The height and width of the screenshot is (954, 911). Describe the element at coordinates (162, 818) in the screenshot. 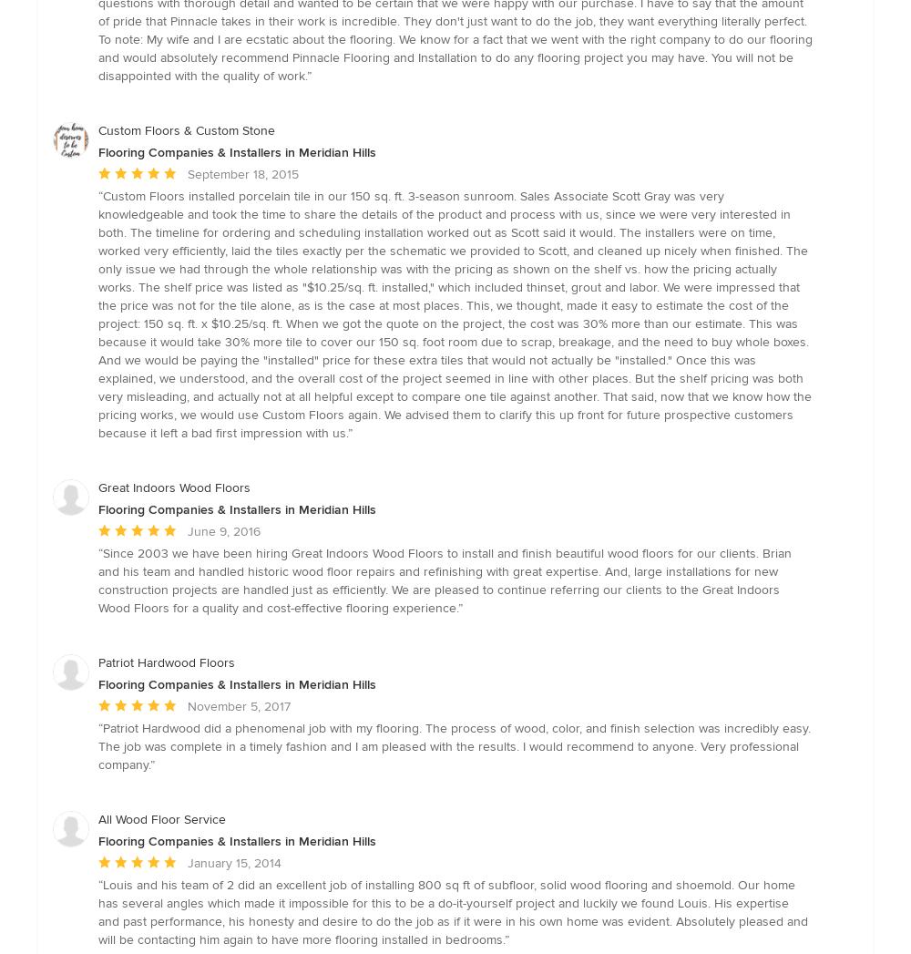

I see `'All Wood Floor Service'` at that location.